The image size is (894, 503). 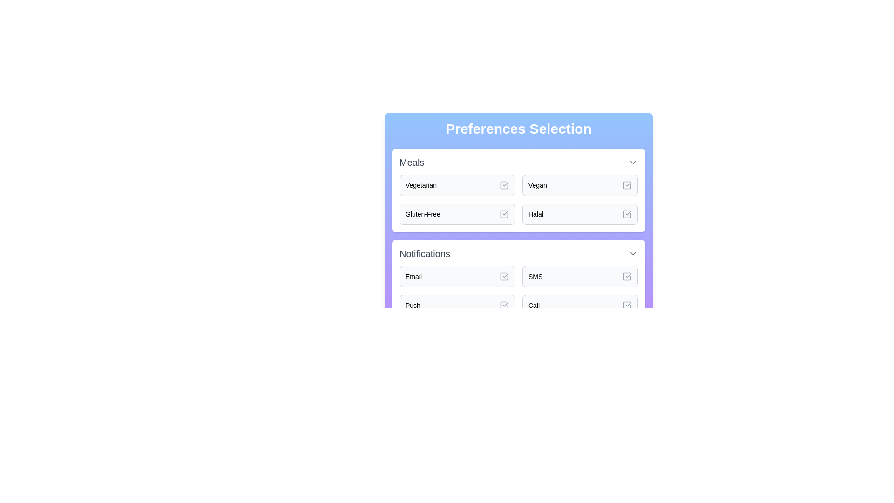 I want to click on the Checkbox icon indicating the selection state of the 'Gluten-Free' option, positioned to the right of the 'Gluten-Free' label in the 'Meals' section, so click(x=504, y=214).